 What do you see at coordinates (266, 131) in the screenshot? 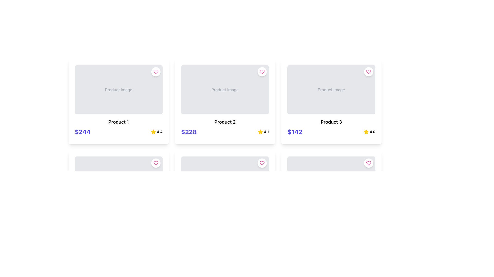
I see `the text label that displays the numerical rating value for 'Product 2' in the bottom-right corner of the card, positioned to the right of the yellow star icon` at bounding box center [266, 131].